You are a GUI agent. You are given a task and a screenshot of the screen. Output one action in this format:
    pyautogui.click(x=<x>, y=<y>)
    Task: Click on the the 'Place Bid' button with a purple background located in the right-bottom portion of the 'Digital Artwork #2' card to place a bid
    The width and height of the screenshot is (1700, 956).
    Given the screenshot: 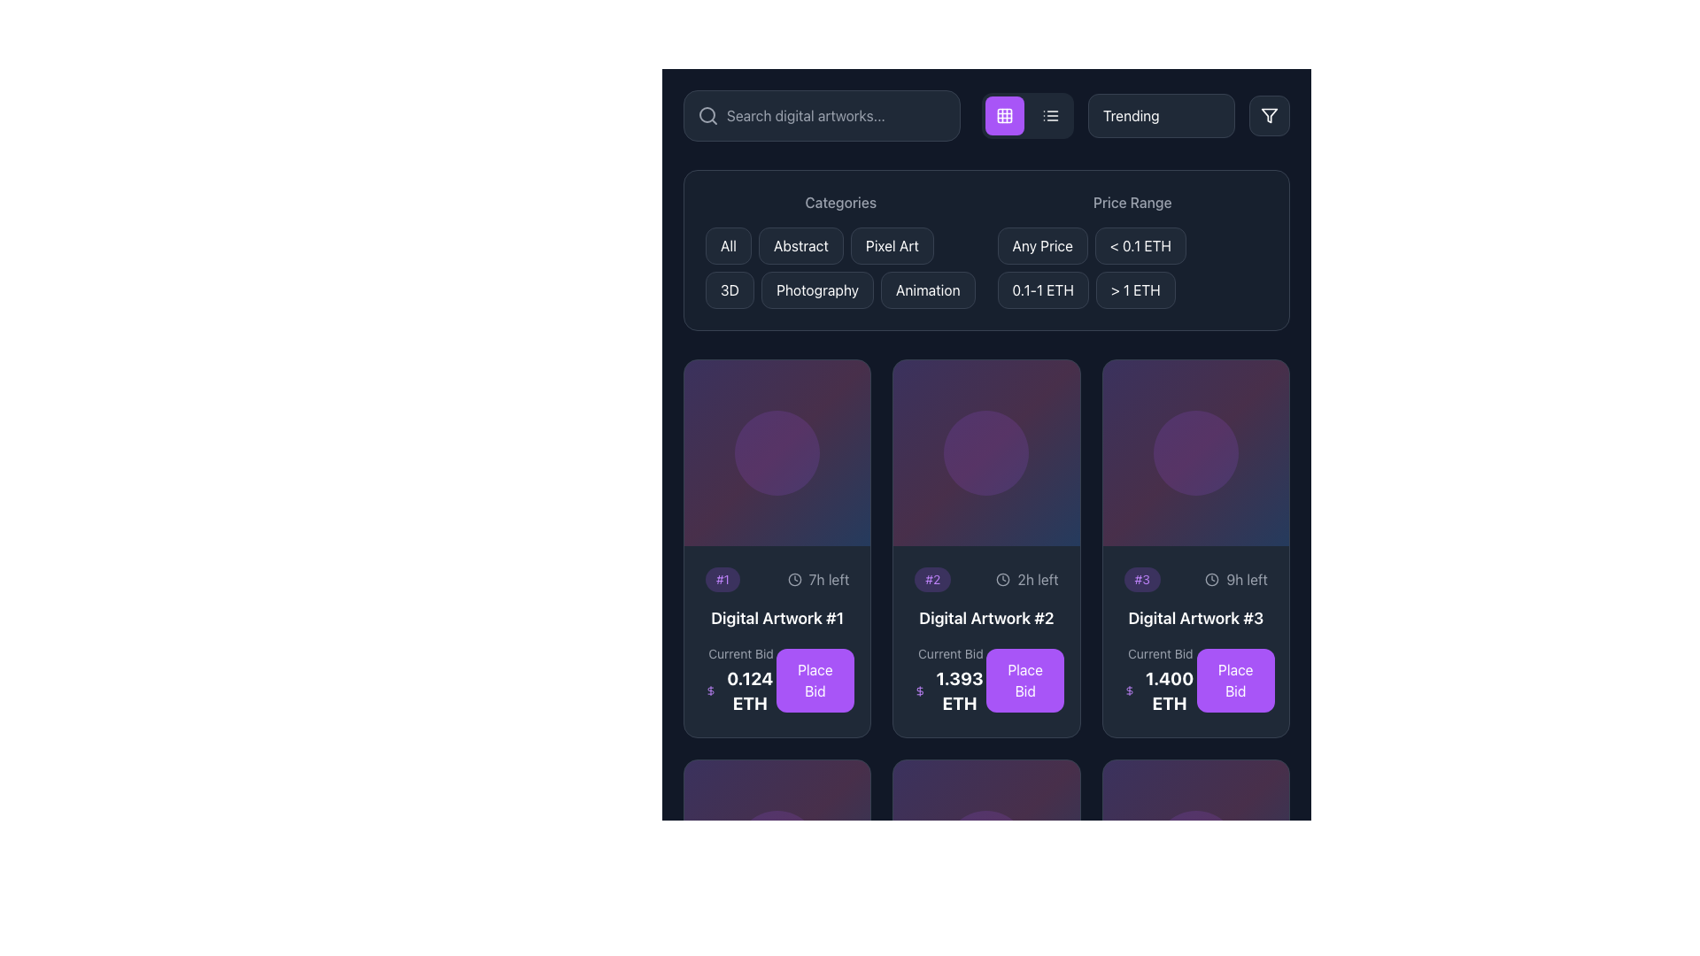 What is the action you would take?
    pyautogui.click(x=985, y=680)
    